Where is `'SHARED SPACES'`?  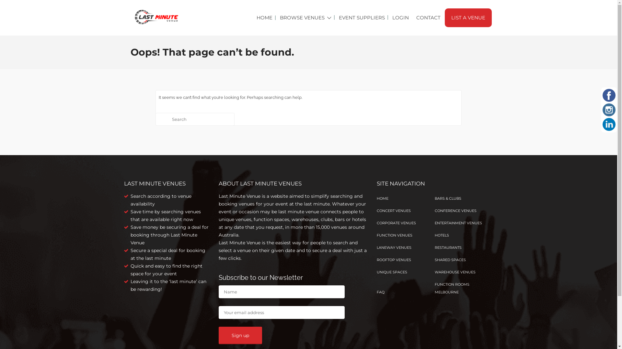
'SHARED SPACES' is located at coordinates (450, 259).